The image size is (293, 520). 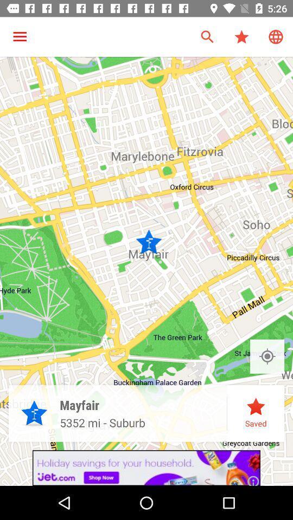 I want to click on the location_crosshair icon, so click(x=266, y=356).